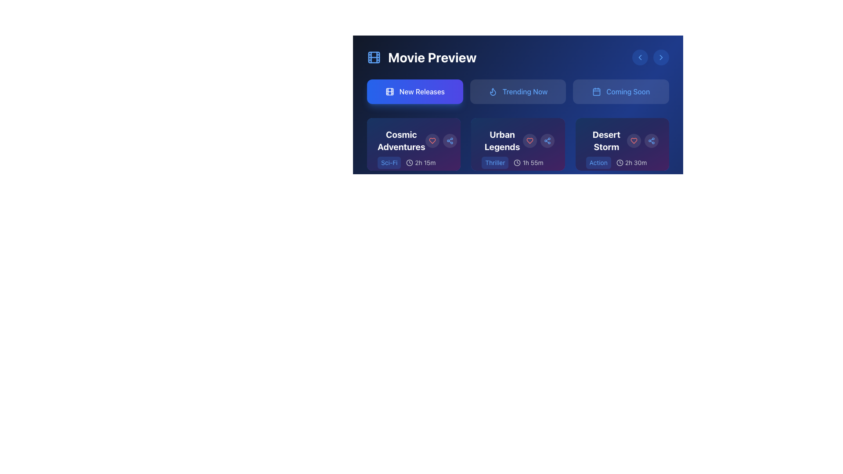 This screenshot has width=843, height=474. I want to click on the informational UI component displaying the genre and duration of the movie 'Desert Storm', located below the title in the rightmost column, so click(622, 169).